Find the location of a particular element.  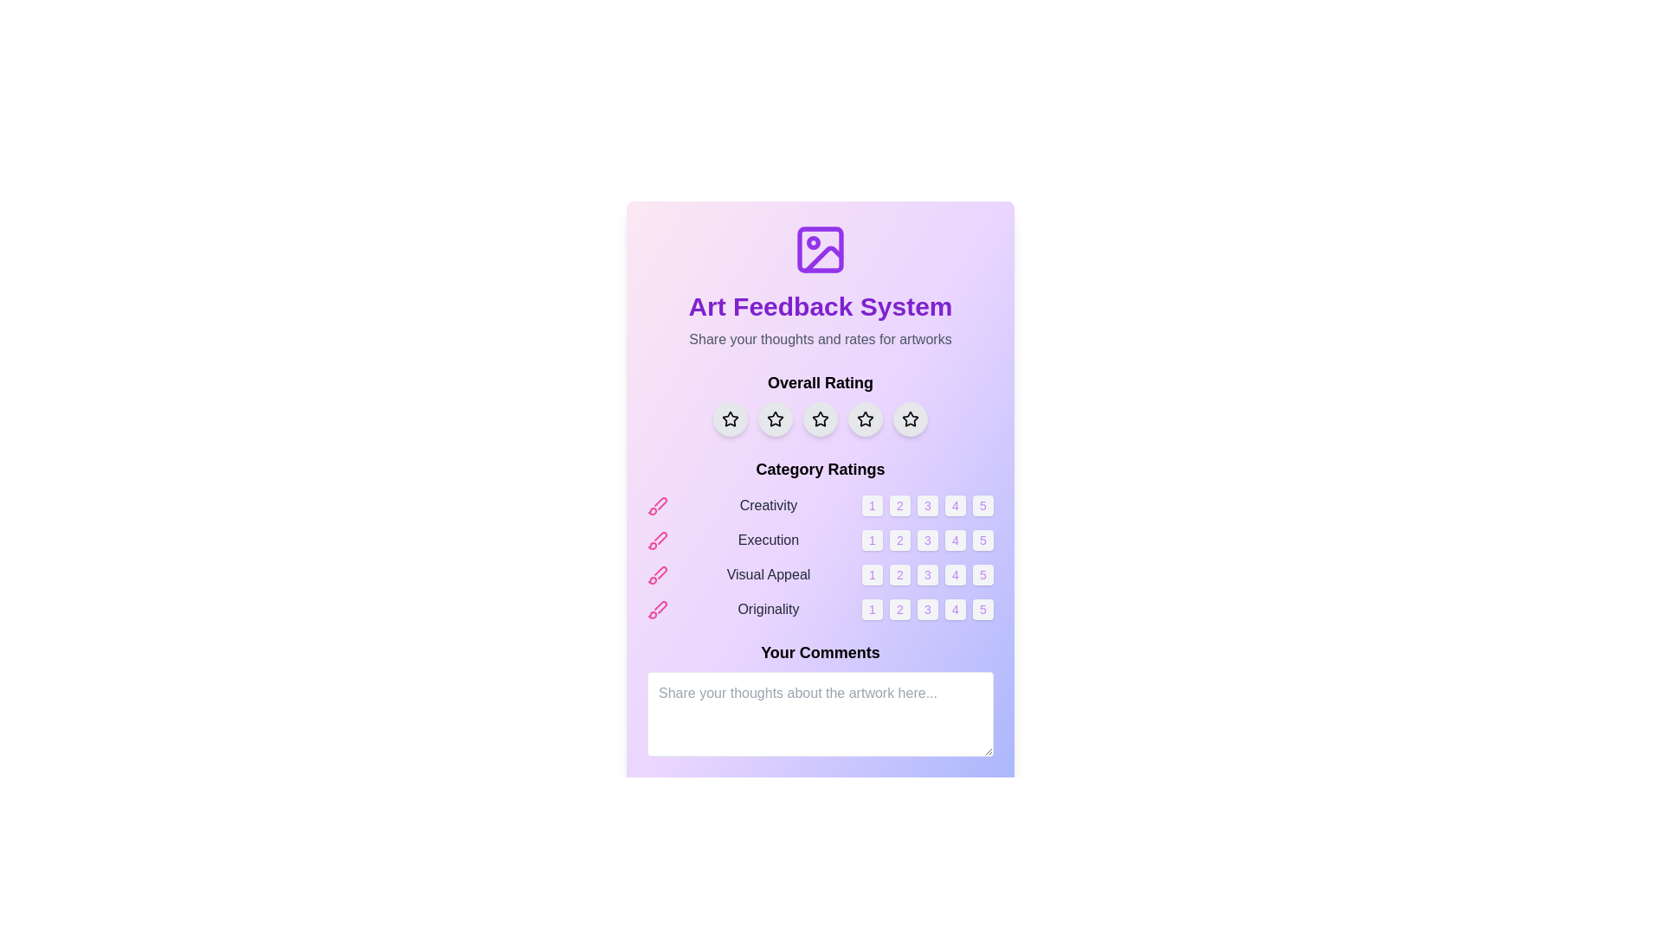

the third star-shaped icon in the row of five under the 'Overall Rating' section of the UI is located at coordinates (775, 419).